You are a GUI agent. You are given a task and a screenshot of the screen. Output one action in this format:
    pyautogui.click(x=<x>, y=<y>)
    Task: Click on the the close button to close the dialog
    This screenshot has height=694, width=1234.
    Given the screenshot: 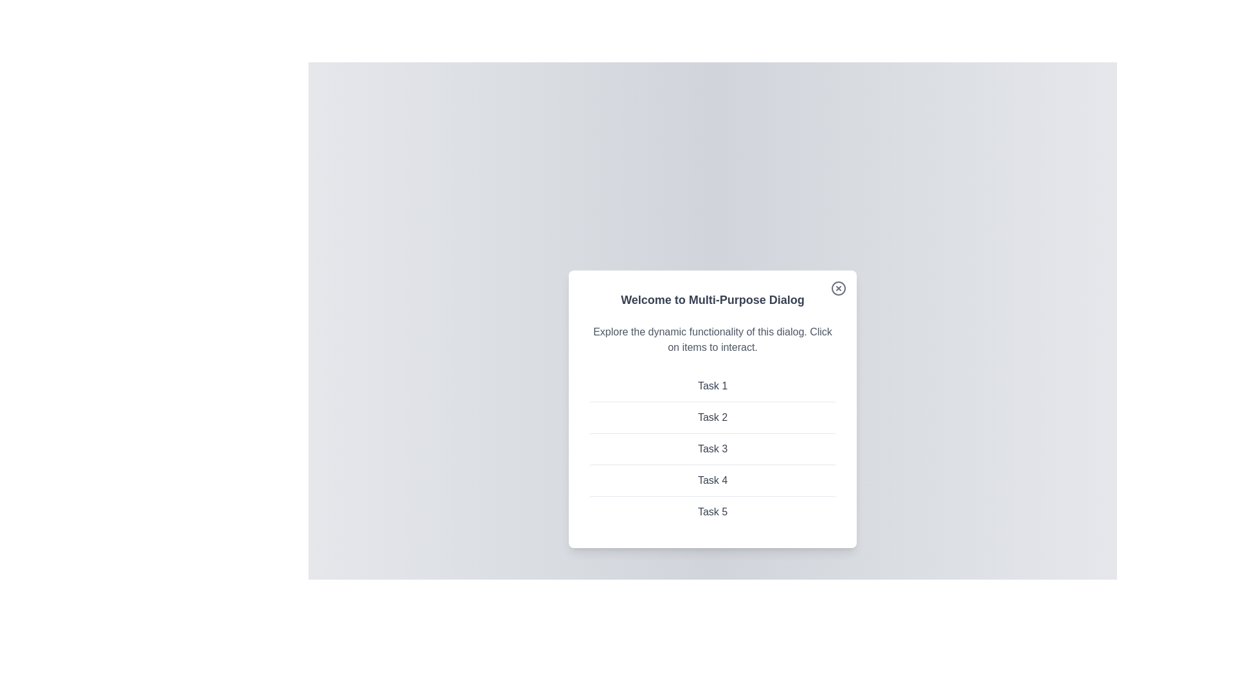 What is the action you would take?
    pyautogui.click(x=839, y=287)
    